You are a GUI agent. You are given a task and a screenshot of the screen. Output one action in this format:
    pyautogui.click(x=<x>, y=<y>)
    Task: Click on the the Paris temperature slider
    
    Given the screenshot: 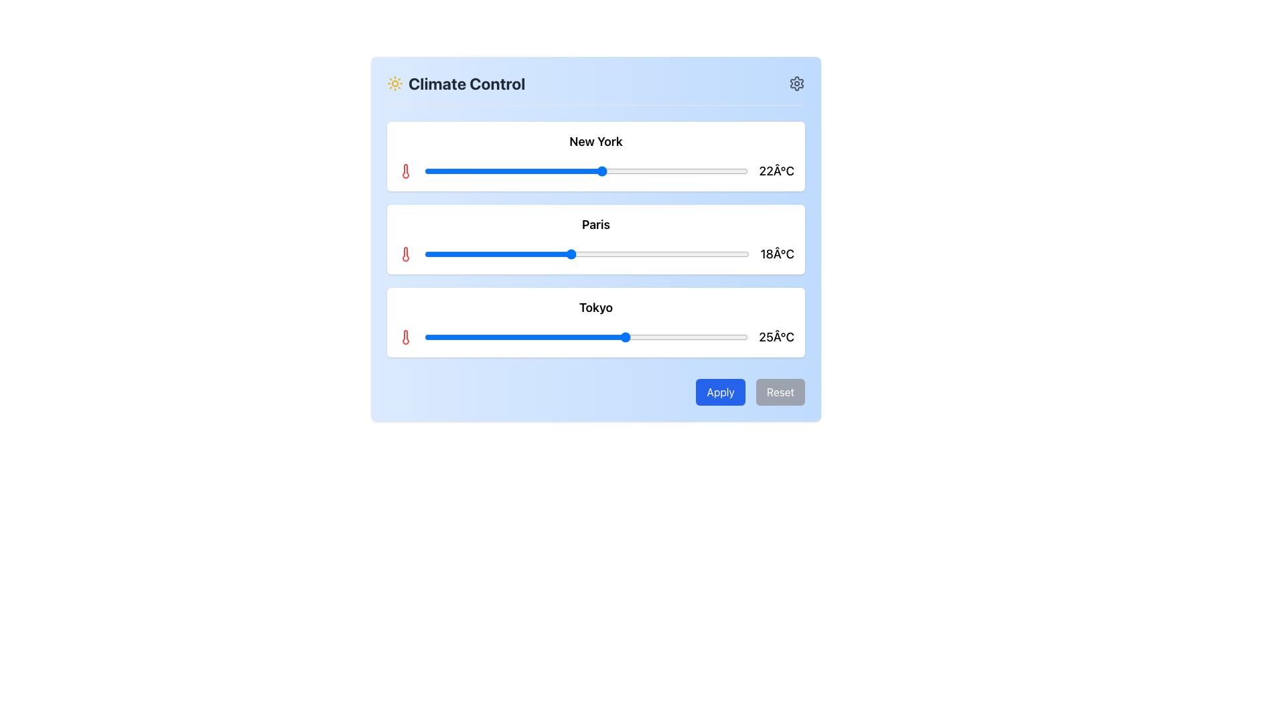 What is the action you would take?
    pyautogui.click(x=529, y=254)
    